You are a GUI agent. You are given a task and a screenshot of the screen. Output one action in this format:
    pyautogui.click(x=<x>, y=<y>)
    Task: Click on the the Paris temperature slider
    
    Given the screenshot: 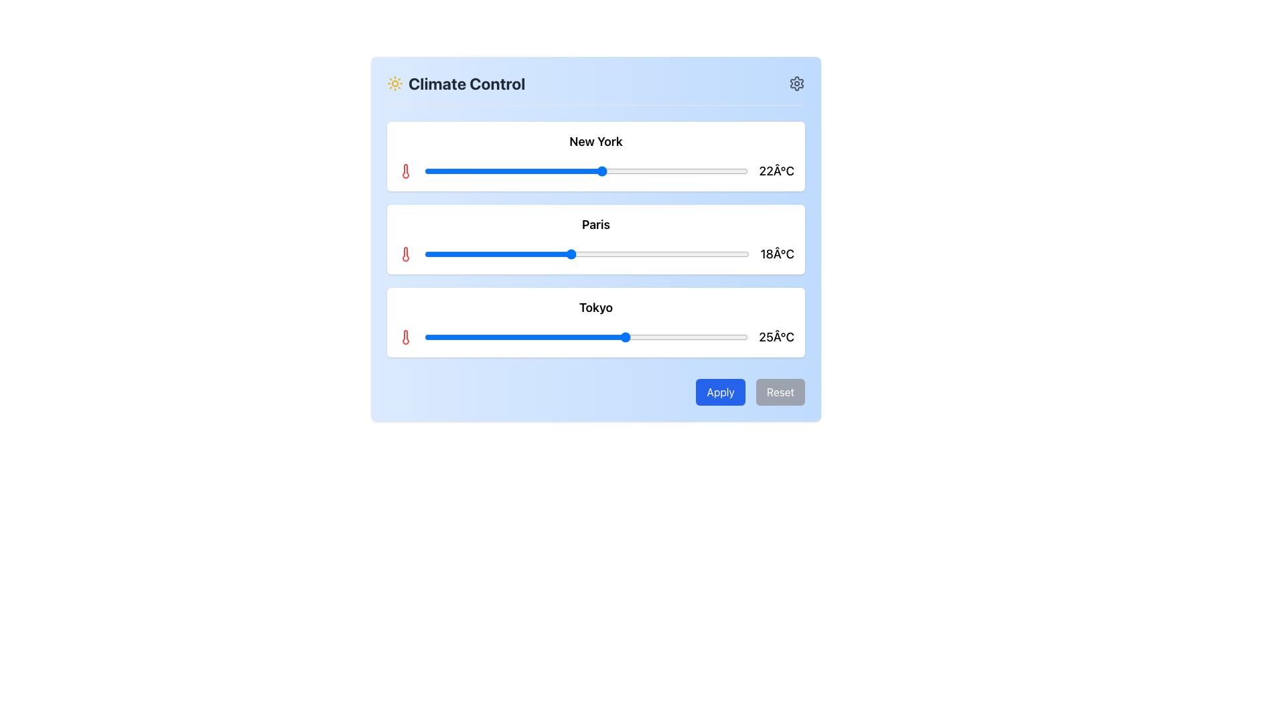 What is the action you would take?
    pyautogui.click(x=529, y=254)
    